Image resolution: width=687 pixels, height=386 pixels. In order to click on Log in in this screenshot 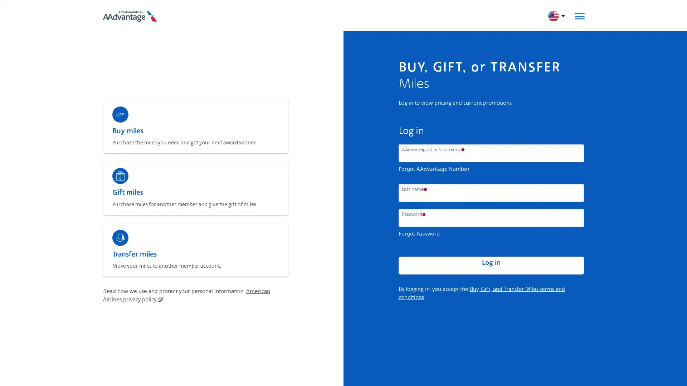, I will do `click(491, 266)`.